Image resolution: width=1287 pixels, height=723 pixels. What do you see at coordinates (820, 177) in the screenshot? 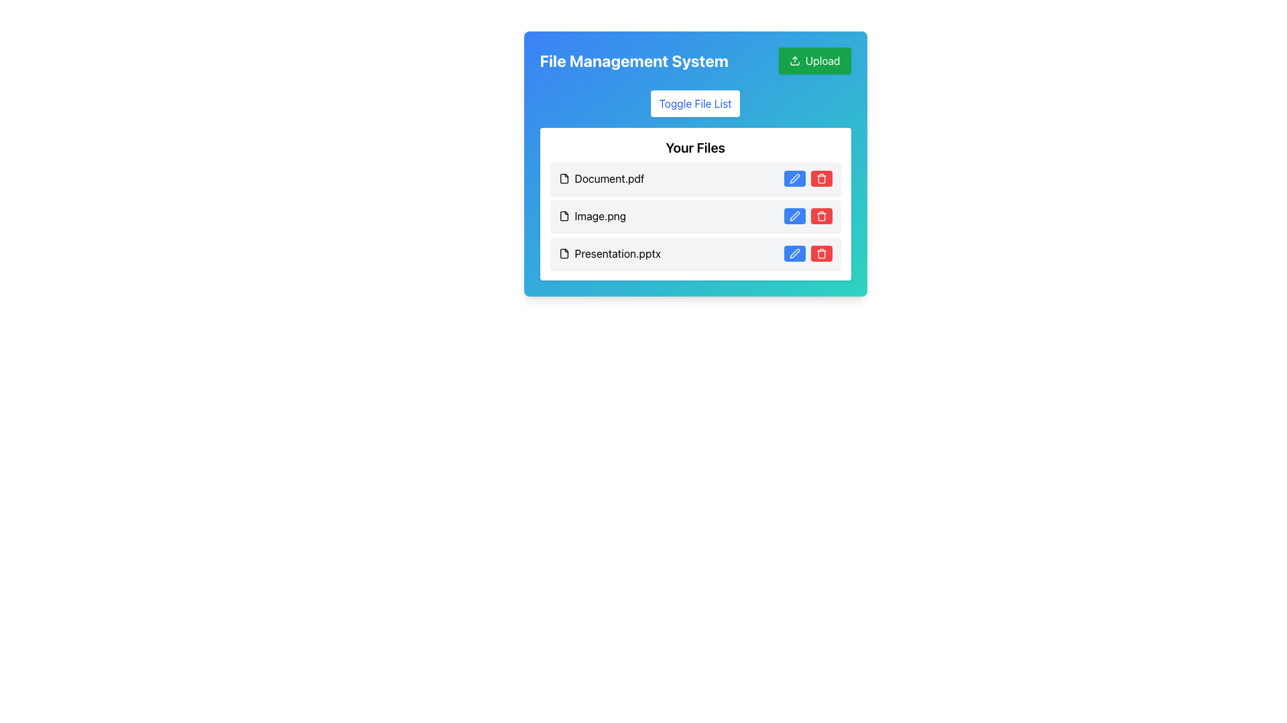
I see `the delete button with an icon located to the right of the 'Presentation.pptx' file entry in the 'Your Files' section` at bounding box center [820, 177].